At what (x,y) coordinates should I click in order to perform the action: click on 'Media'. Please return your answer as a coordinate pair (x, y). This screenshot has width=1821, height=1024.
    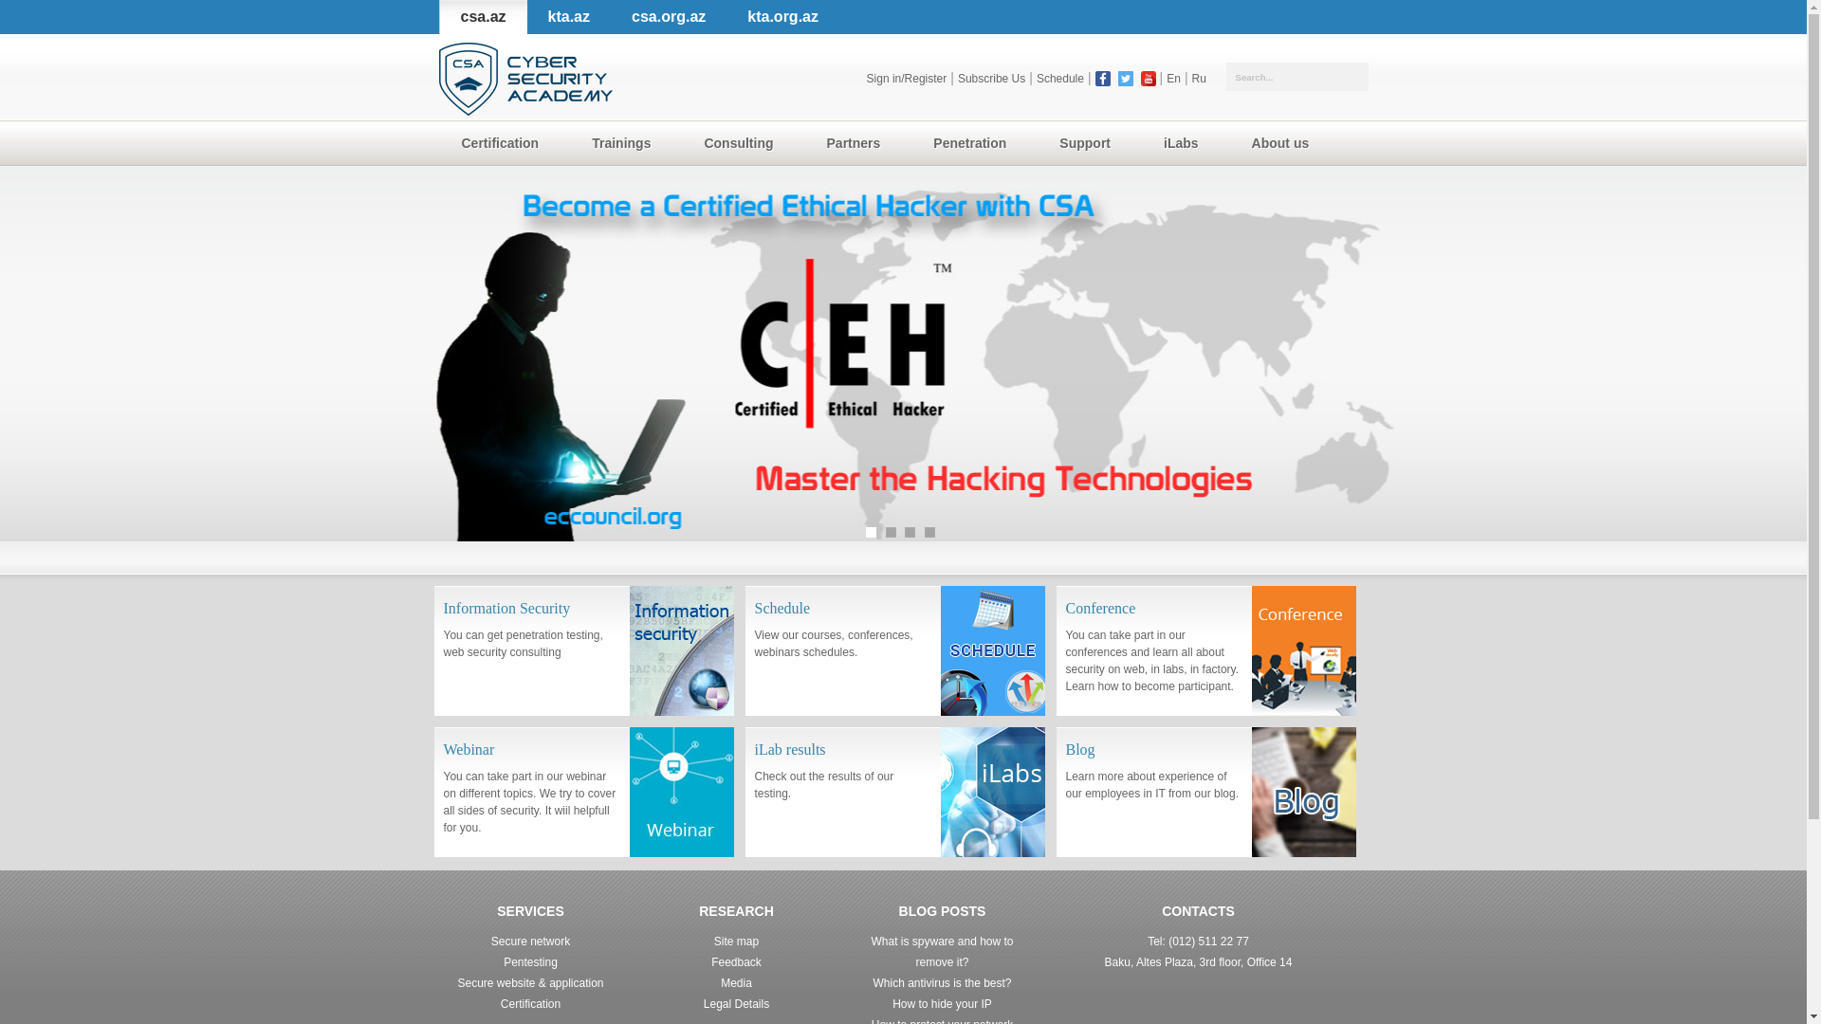
    Looking at the image, I should click on (735, 982).